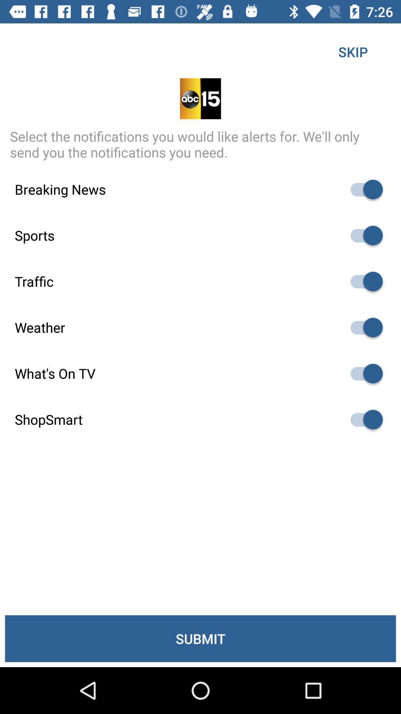 This screenshot has height=714, width=401. Describe the element at coordinates (363, 373) in the screenshot. I see `tv guide option` at that location.